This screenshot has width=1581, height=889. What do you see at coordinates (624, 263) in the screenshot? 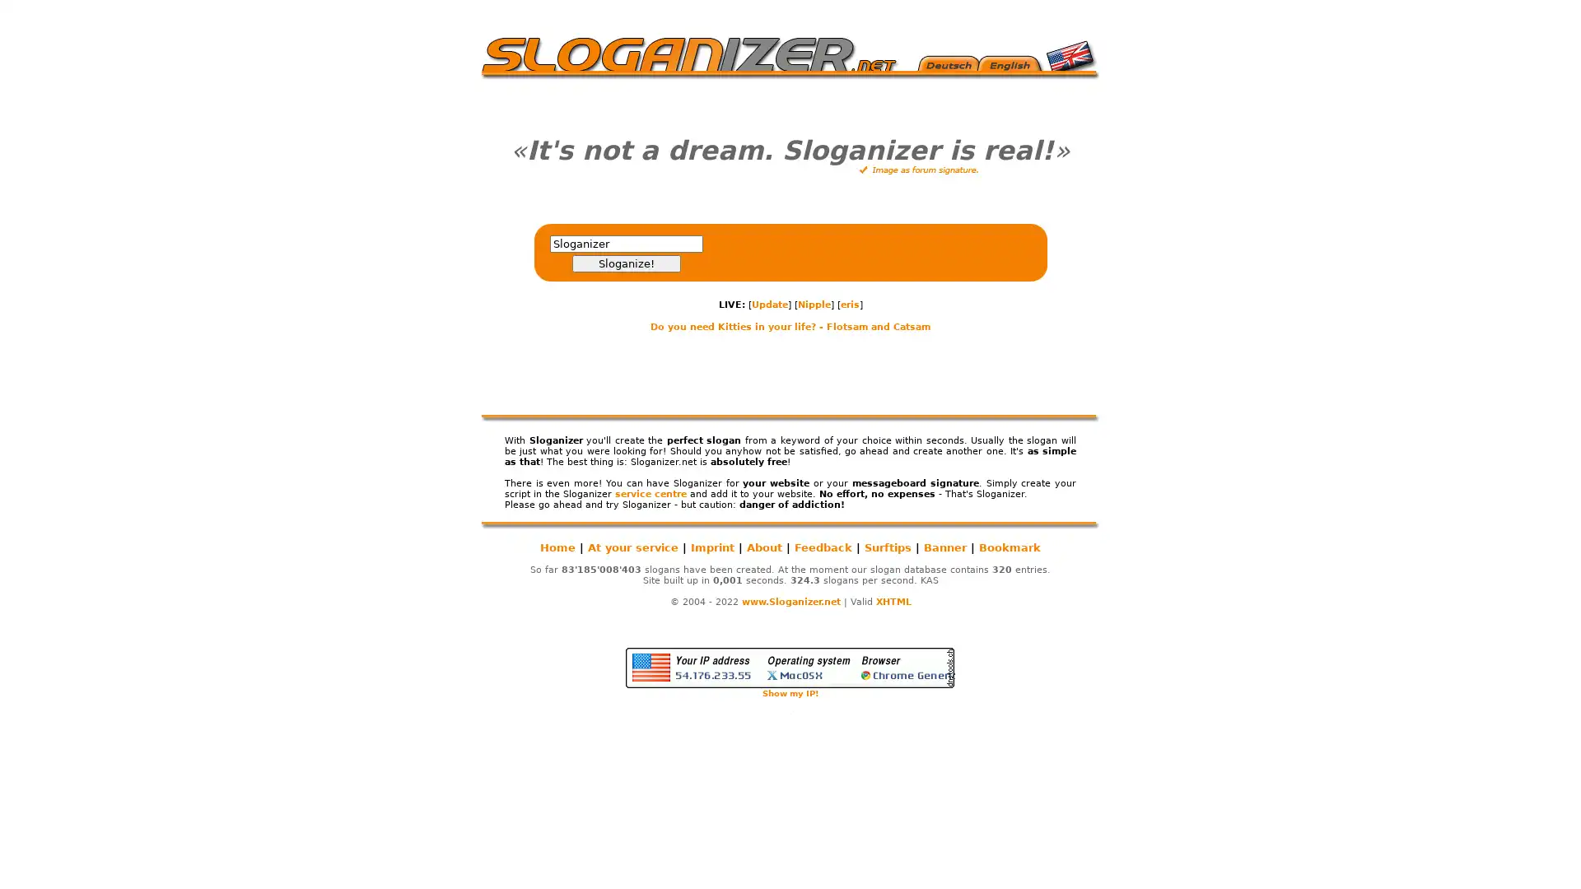
I see `Sloganize!` at bounding box center [624, 263].